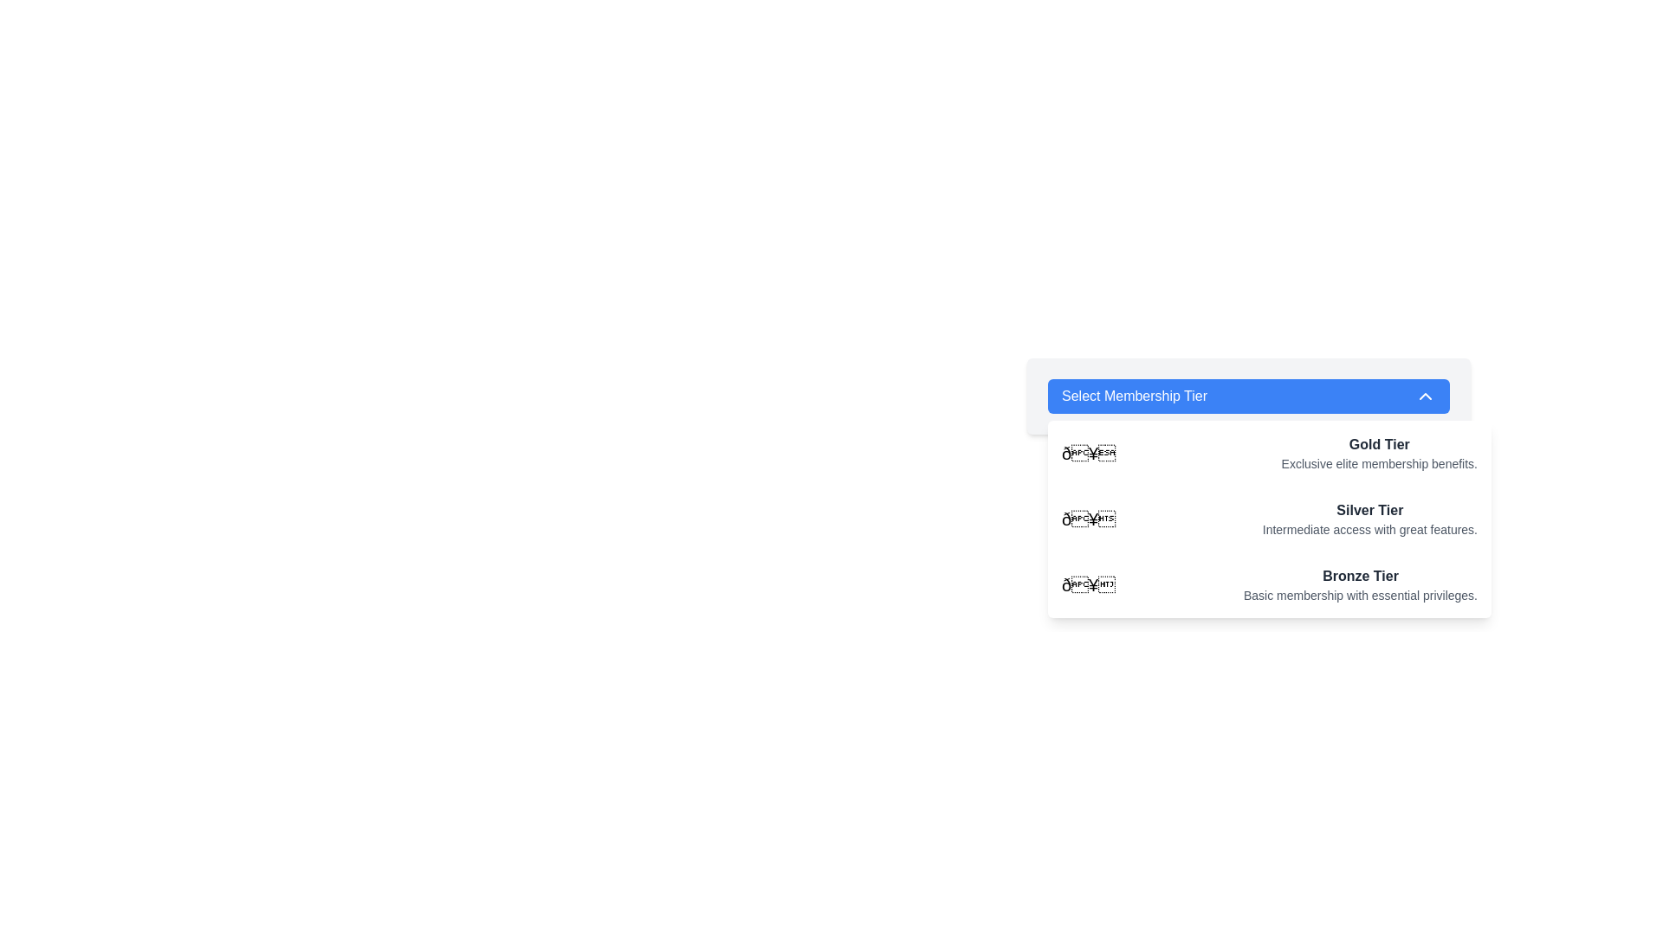  I want to click on text label 'Bronze Tier' which is the third item in the 'Select Membership Tier' list, positioned below 'Silver Tier' and above the next item, so click(1359, 584).